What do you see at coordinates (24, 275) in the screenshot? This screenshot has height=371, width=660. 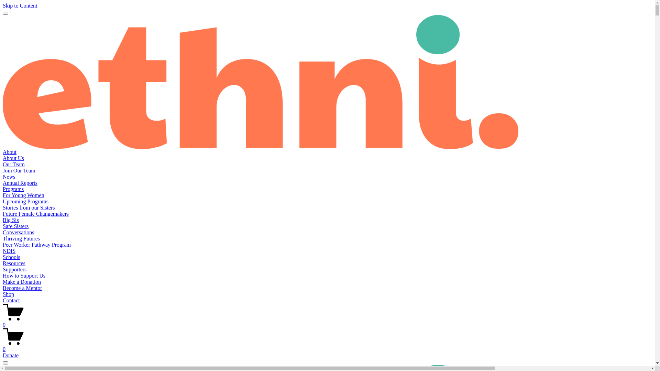 I see `'How to Support Us'` at bounding box center [24, 275].